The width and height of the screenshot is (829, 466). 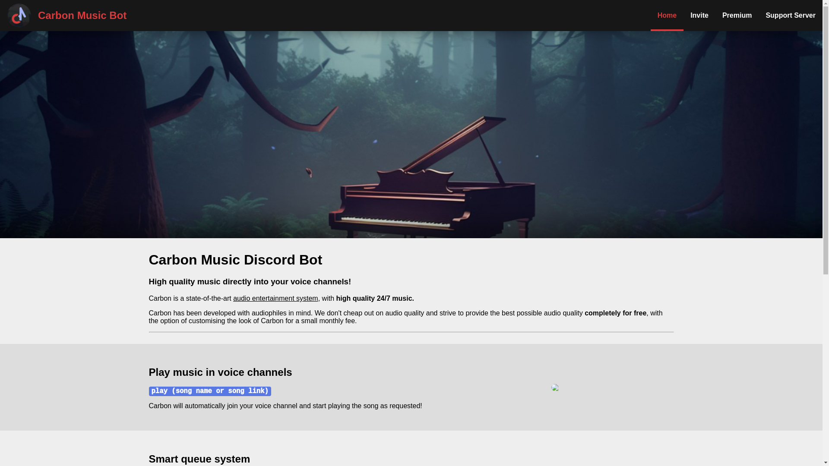 What do you see at coordinates (699, 15) in the screenshot?
I see `'Invite'` at bounding box center [699, 15].